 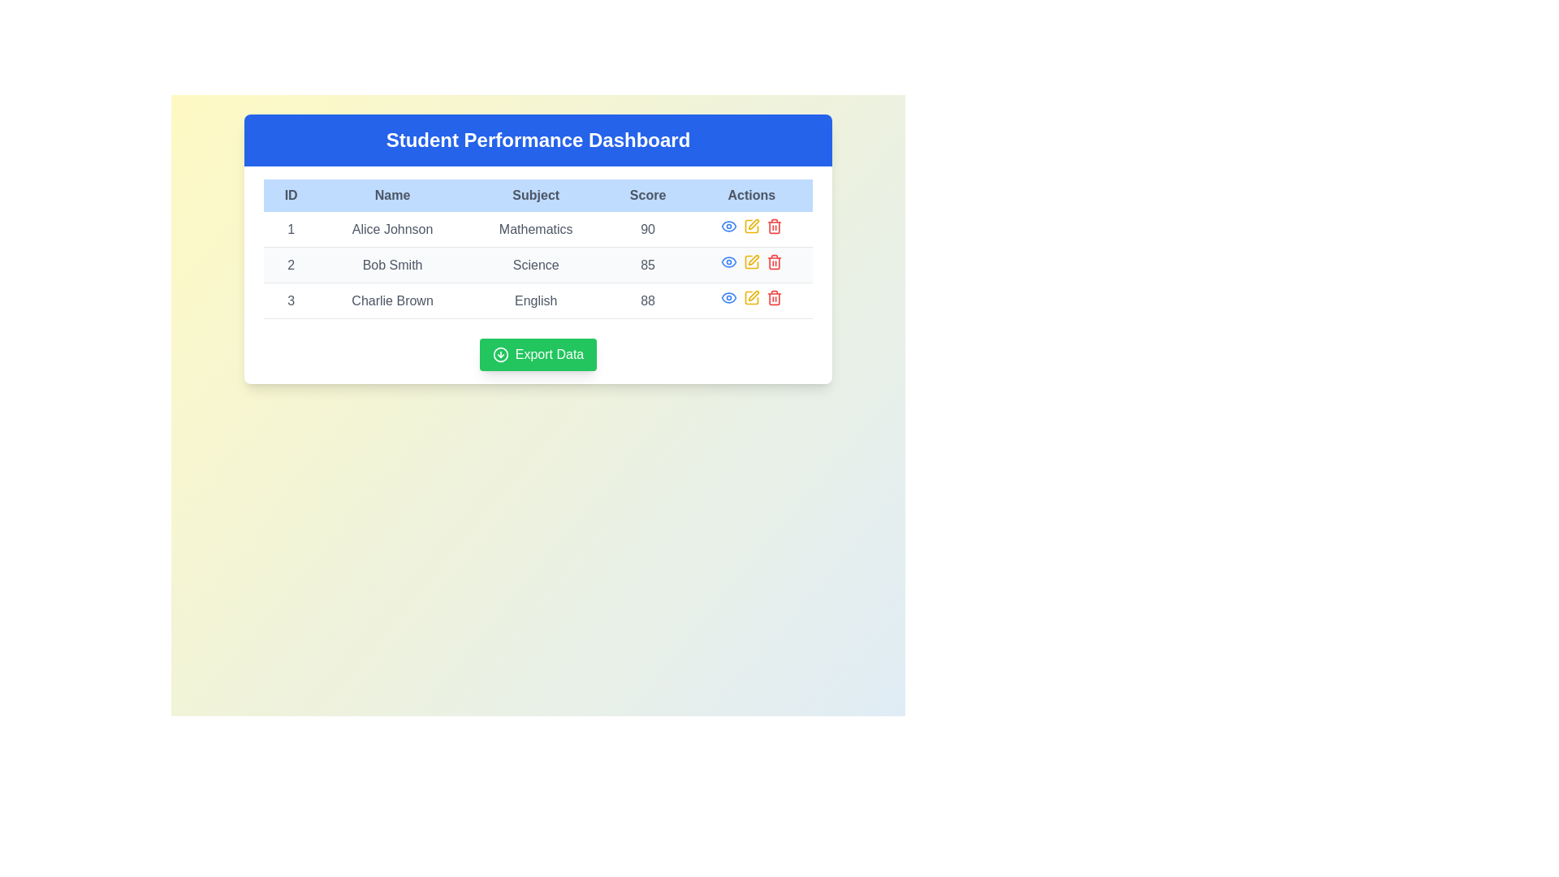 I want to click on the edit button located in the 'Actions' column of the first row of the table under the 'Student Performance Dashboard' title, so click(x=750, y=226).